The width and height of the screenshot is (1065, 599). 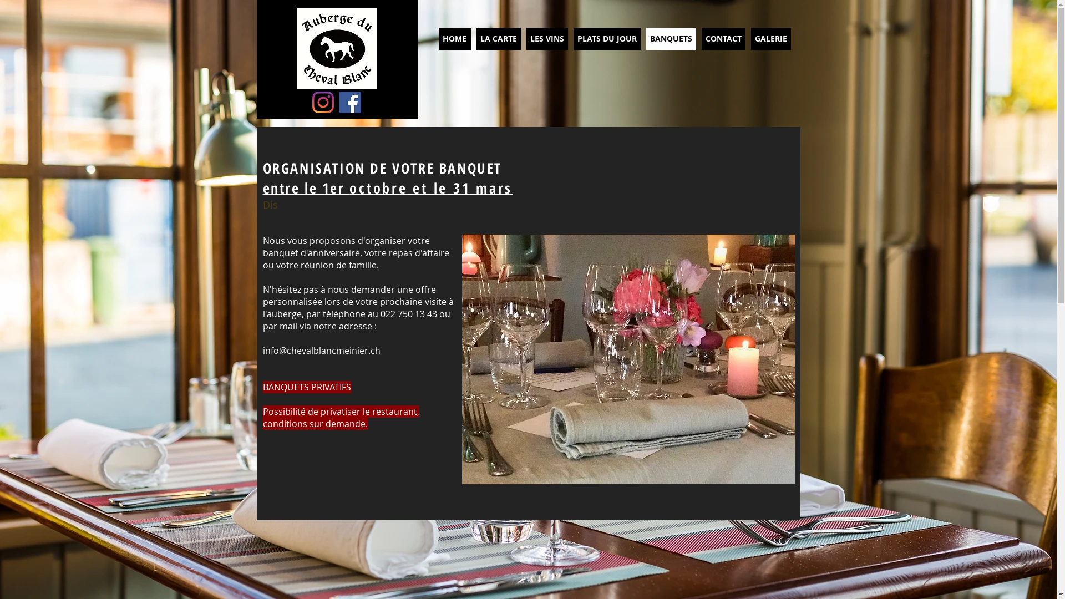 I want to click on 'LES VINS', so click(x=546, y=38).